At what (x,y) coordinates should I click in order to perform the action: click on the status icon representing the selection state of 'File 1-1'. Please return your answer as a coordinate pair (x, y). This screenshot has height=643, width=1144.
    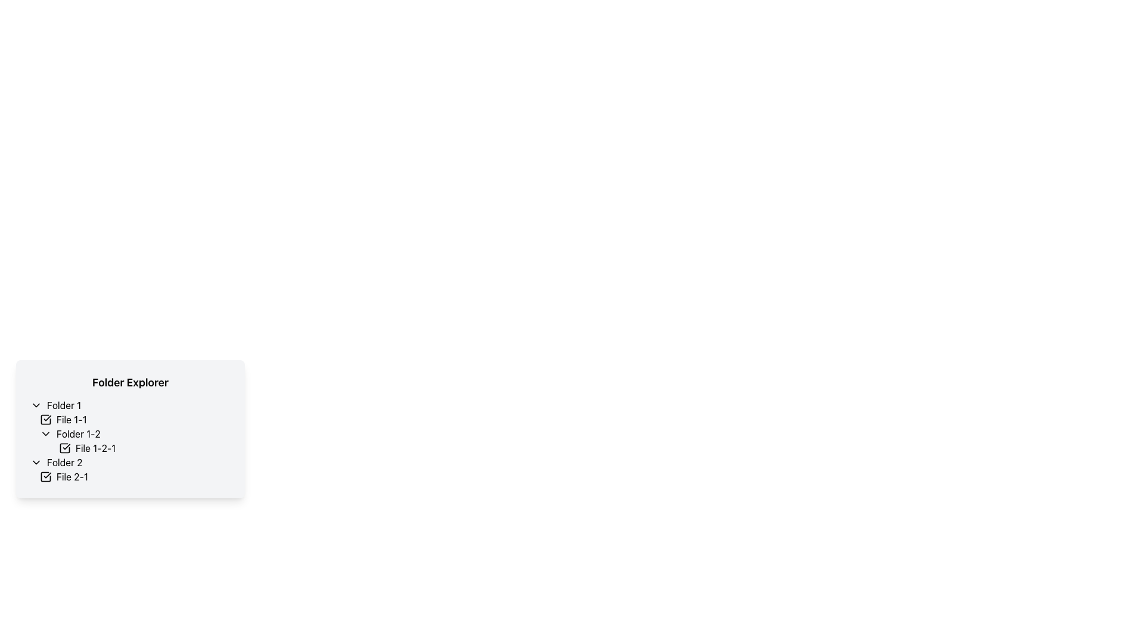
    Looking at the image, I should click on (45, 419).